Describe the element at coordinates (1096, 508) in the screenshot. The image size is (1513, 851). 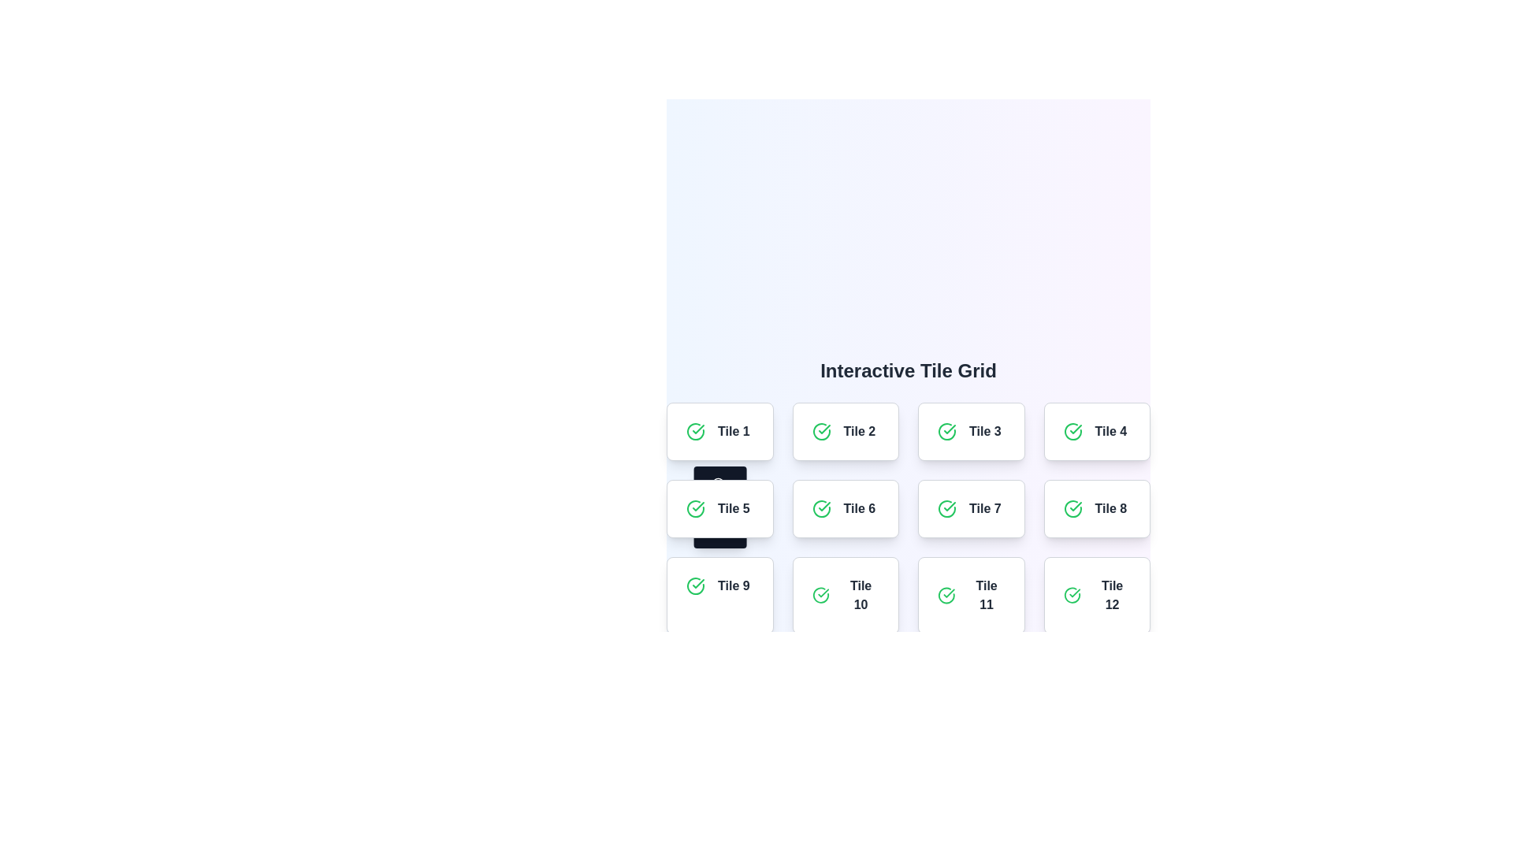
I see `the grouped component of icon and label located in the second row, fourth tile from the left in the interactive grid interface` at that location.